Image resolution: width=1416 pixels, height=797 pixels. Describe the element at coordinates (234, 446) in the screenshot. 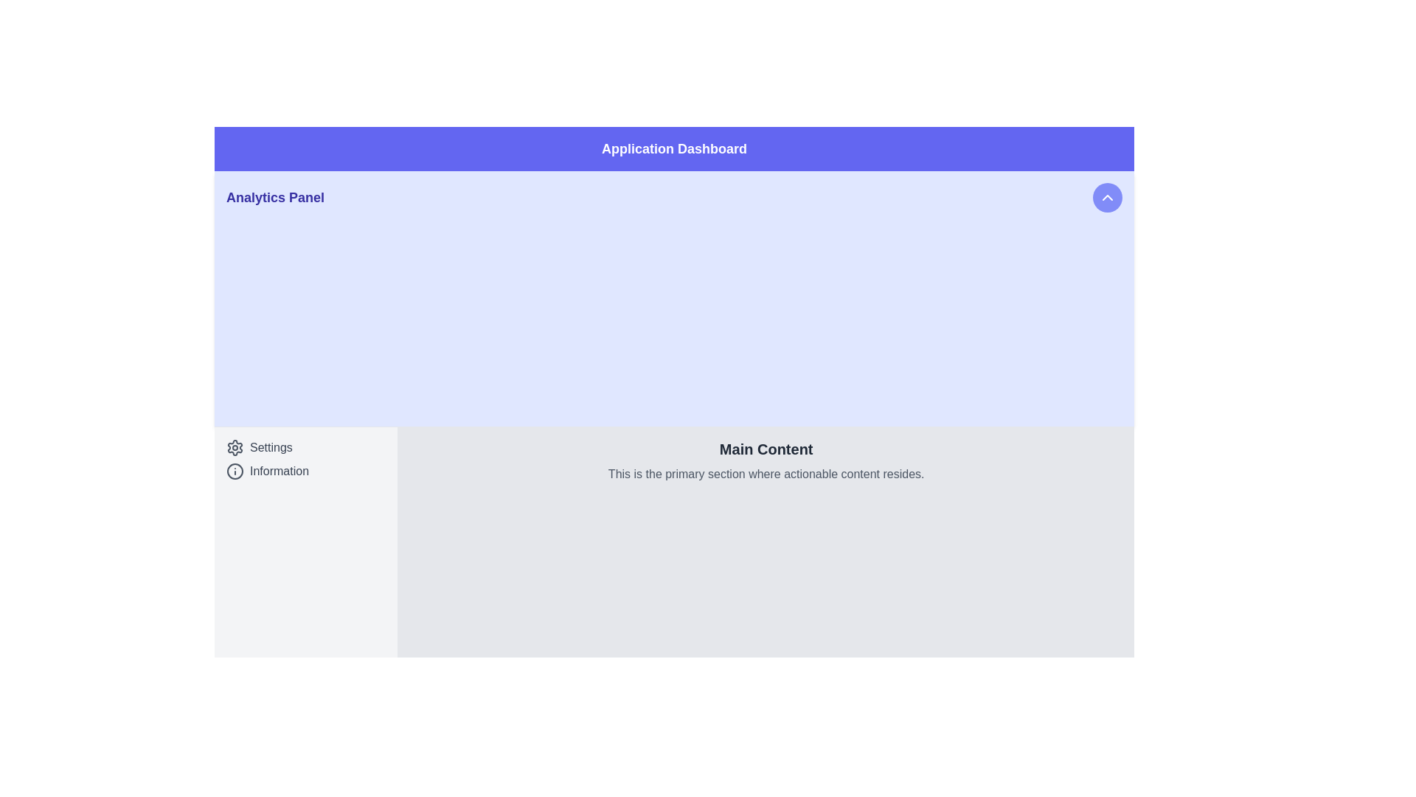

I see `the settings icon located` at that location.